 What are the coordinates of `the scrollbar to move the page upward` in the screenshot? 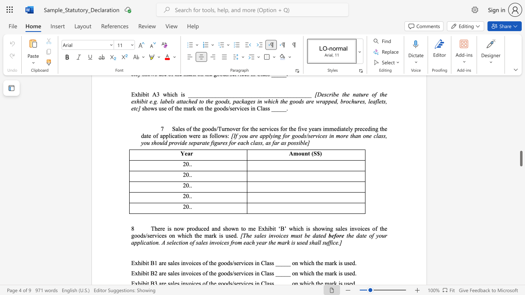 It's located at (520, 106).